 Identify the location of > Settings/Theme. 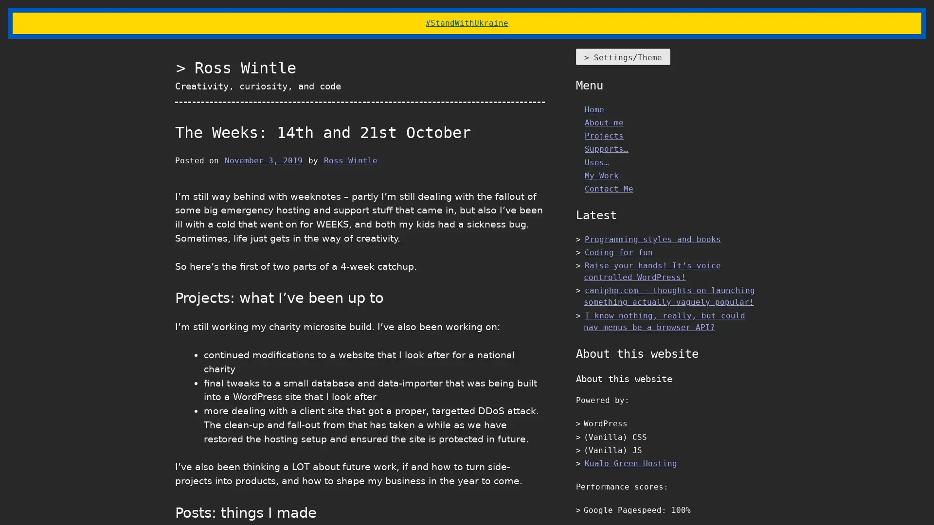
(623, 56).